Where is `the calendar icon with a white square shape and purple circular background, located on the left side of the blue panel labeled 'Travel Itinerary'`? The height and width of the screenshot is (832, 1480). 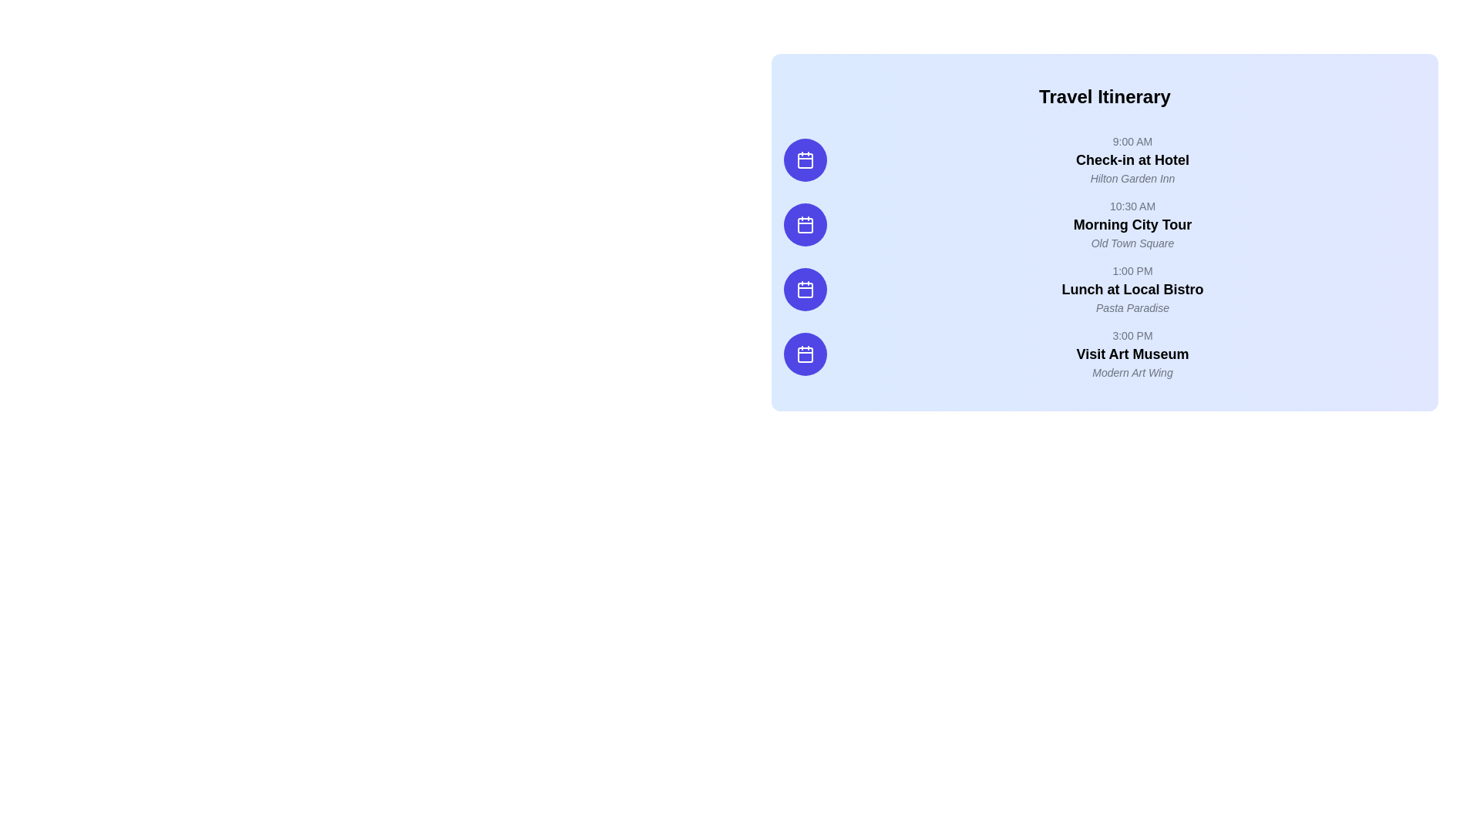 the calendar icon with a white square shape and purple circular background, located on the left side of the blue panel labeled 'Travel Itinerary' is located at coordinates (805, 160).